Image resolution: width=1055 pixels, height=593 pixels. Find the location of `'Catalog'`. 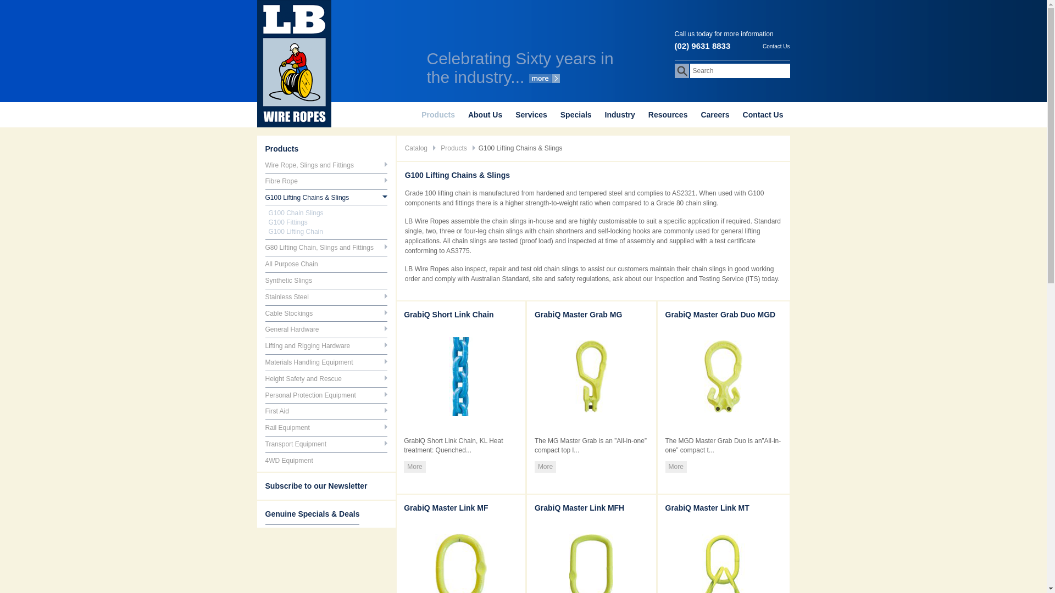

'Catalog' is located at coordinates (415, 148).